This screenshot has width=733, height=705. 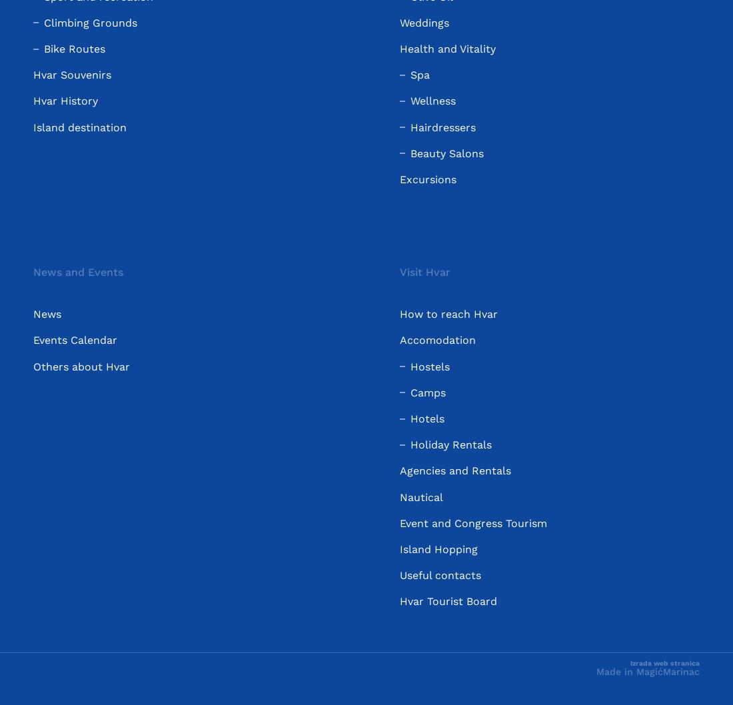 I want to click on 'Others about Hvar', so click(x=81, y=366).